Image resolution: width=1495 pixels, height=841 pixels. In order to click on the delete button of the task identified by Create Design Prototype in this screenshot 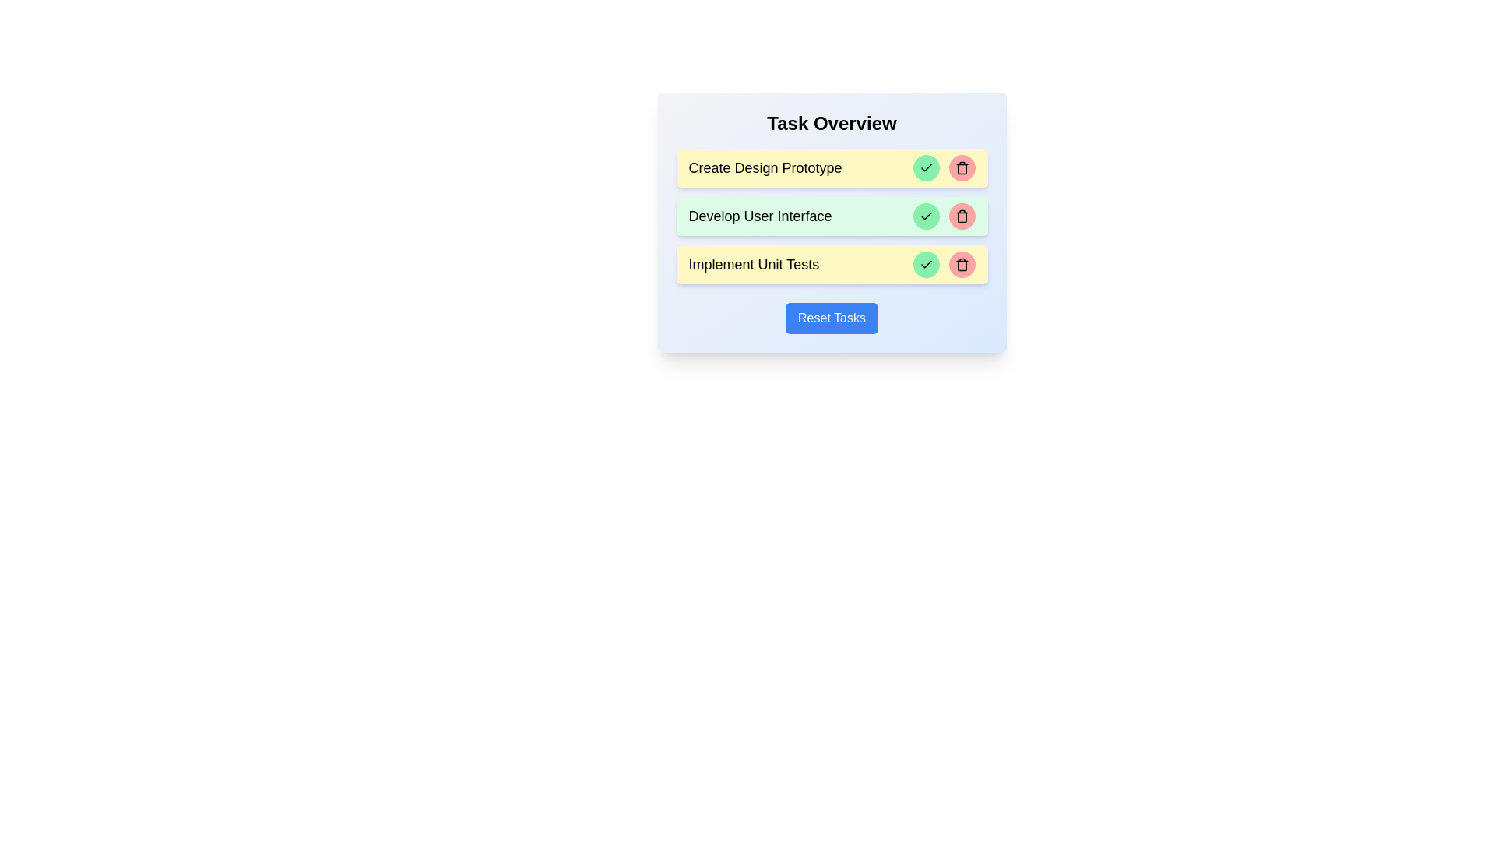, I will do `click(961, 168)`.